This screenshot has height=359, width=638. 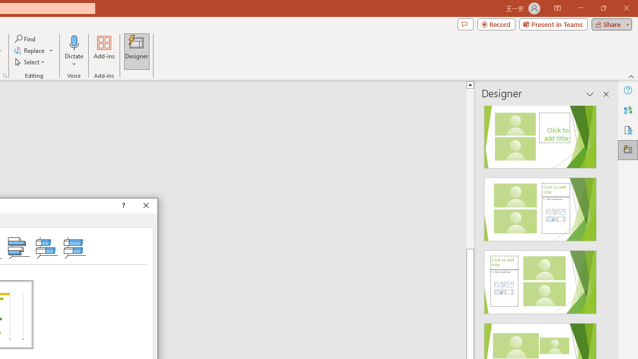 I want to click on 'Select', so click(x=30, y=62).